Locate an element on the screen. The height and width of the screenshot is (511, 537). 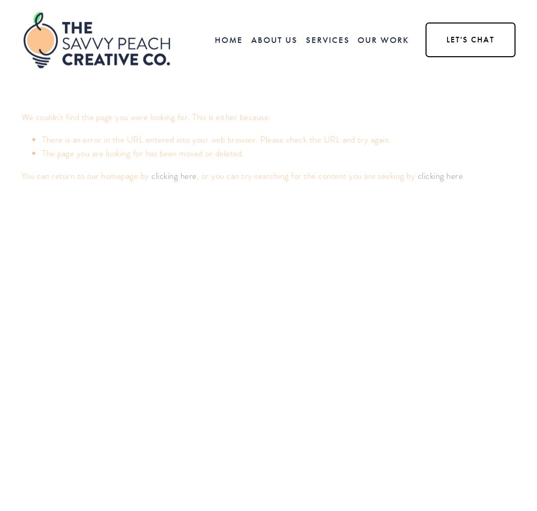
'The page you are looking for has been moved or deleted.' is located at coordinates (42, 153).